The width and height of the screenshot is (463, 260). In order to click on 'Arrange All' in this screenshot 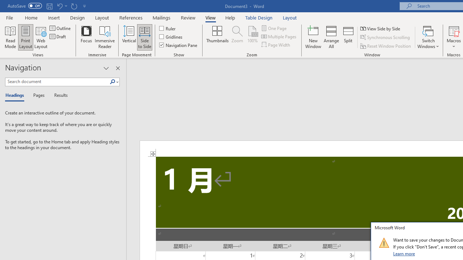, I will do `click(331, 37)`.